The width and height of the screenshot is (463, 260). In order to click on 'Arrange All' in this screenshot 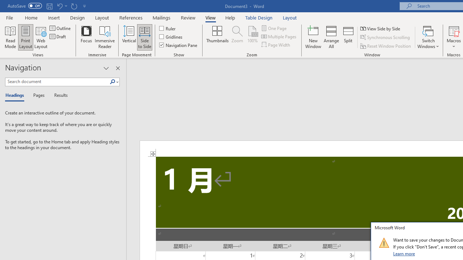, I will do `click(331, 37)`.